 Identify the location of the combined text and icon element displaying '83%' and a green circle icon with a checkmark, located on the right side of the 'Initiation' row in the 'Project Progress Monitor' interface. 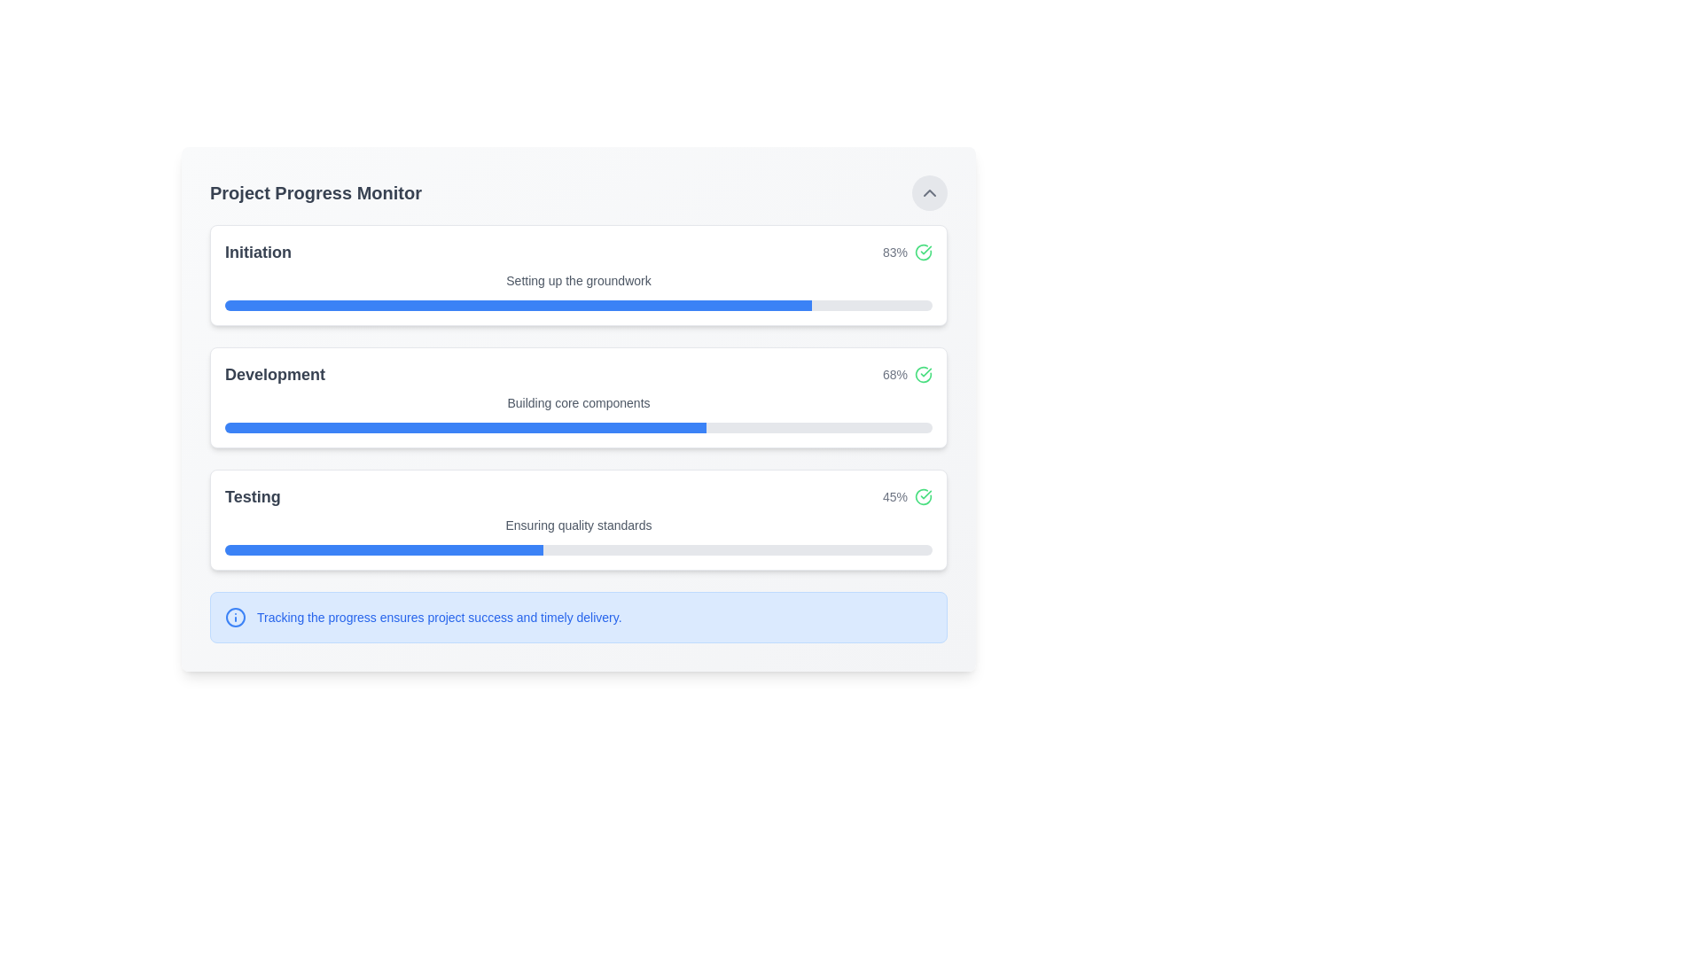
(907, 253).